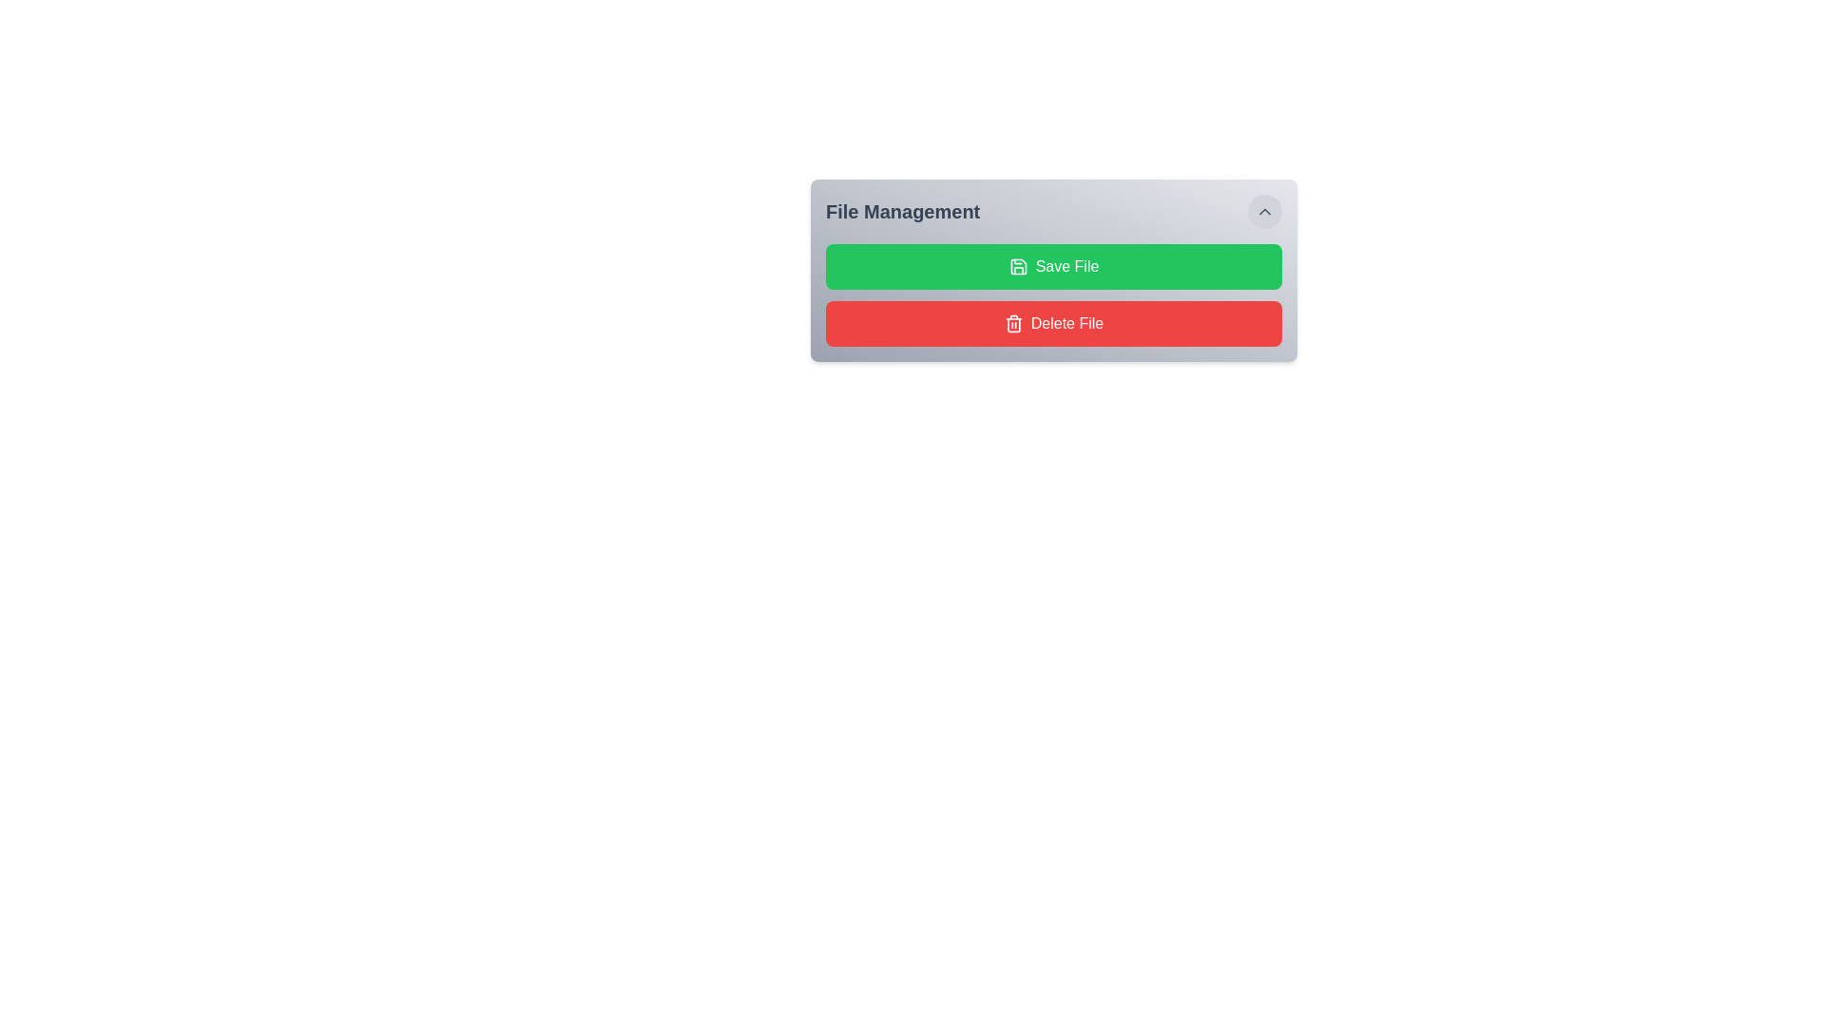 Image resolution: width=1825 pixels, height=1026 pixels. Describe the element at coordinates (1264, 212) in the screenshot. I see `the upward-pointing chevron icon, which is situated within a small circular gray button` at that location.